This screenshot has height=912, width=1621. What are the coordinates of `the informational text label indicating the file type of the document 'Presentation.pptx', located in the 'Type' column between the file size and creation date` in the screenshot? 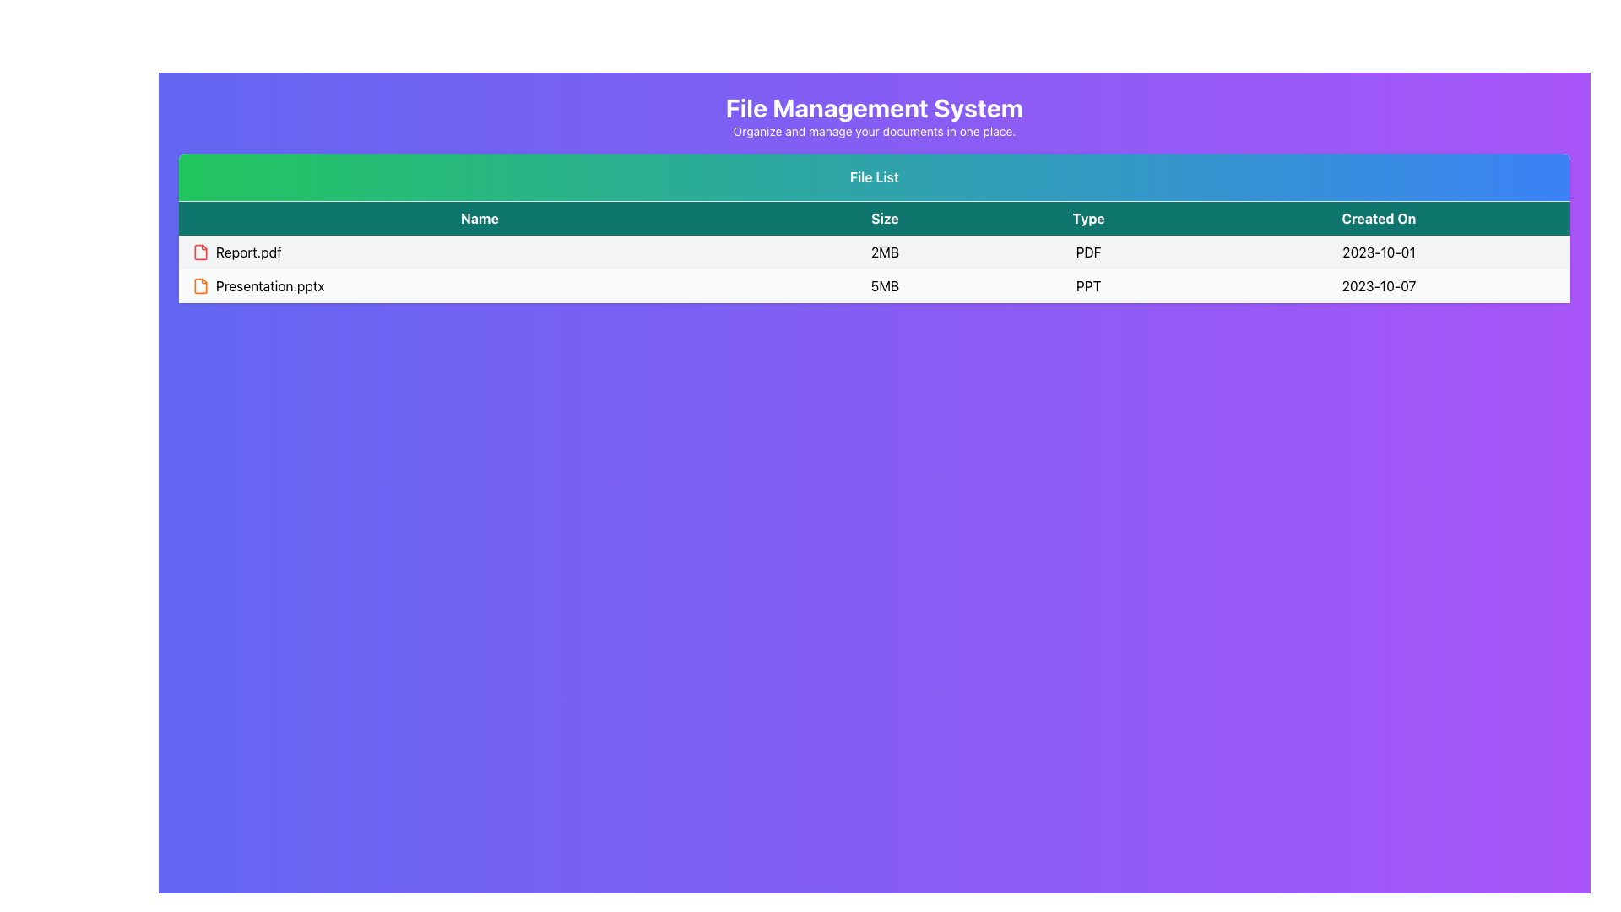 It's located at (1088, 285).